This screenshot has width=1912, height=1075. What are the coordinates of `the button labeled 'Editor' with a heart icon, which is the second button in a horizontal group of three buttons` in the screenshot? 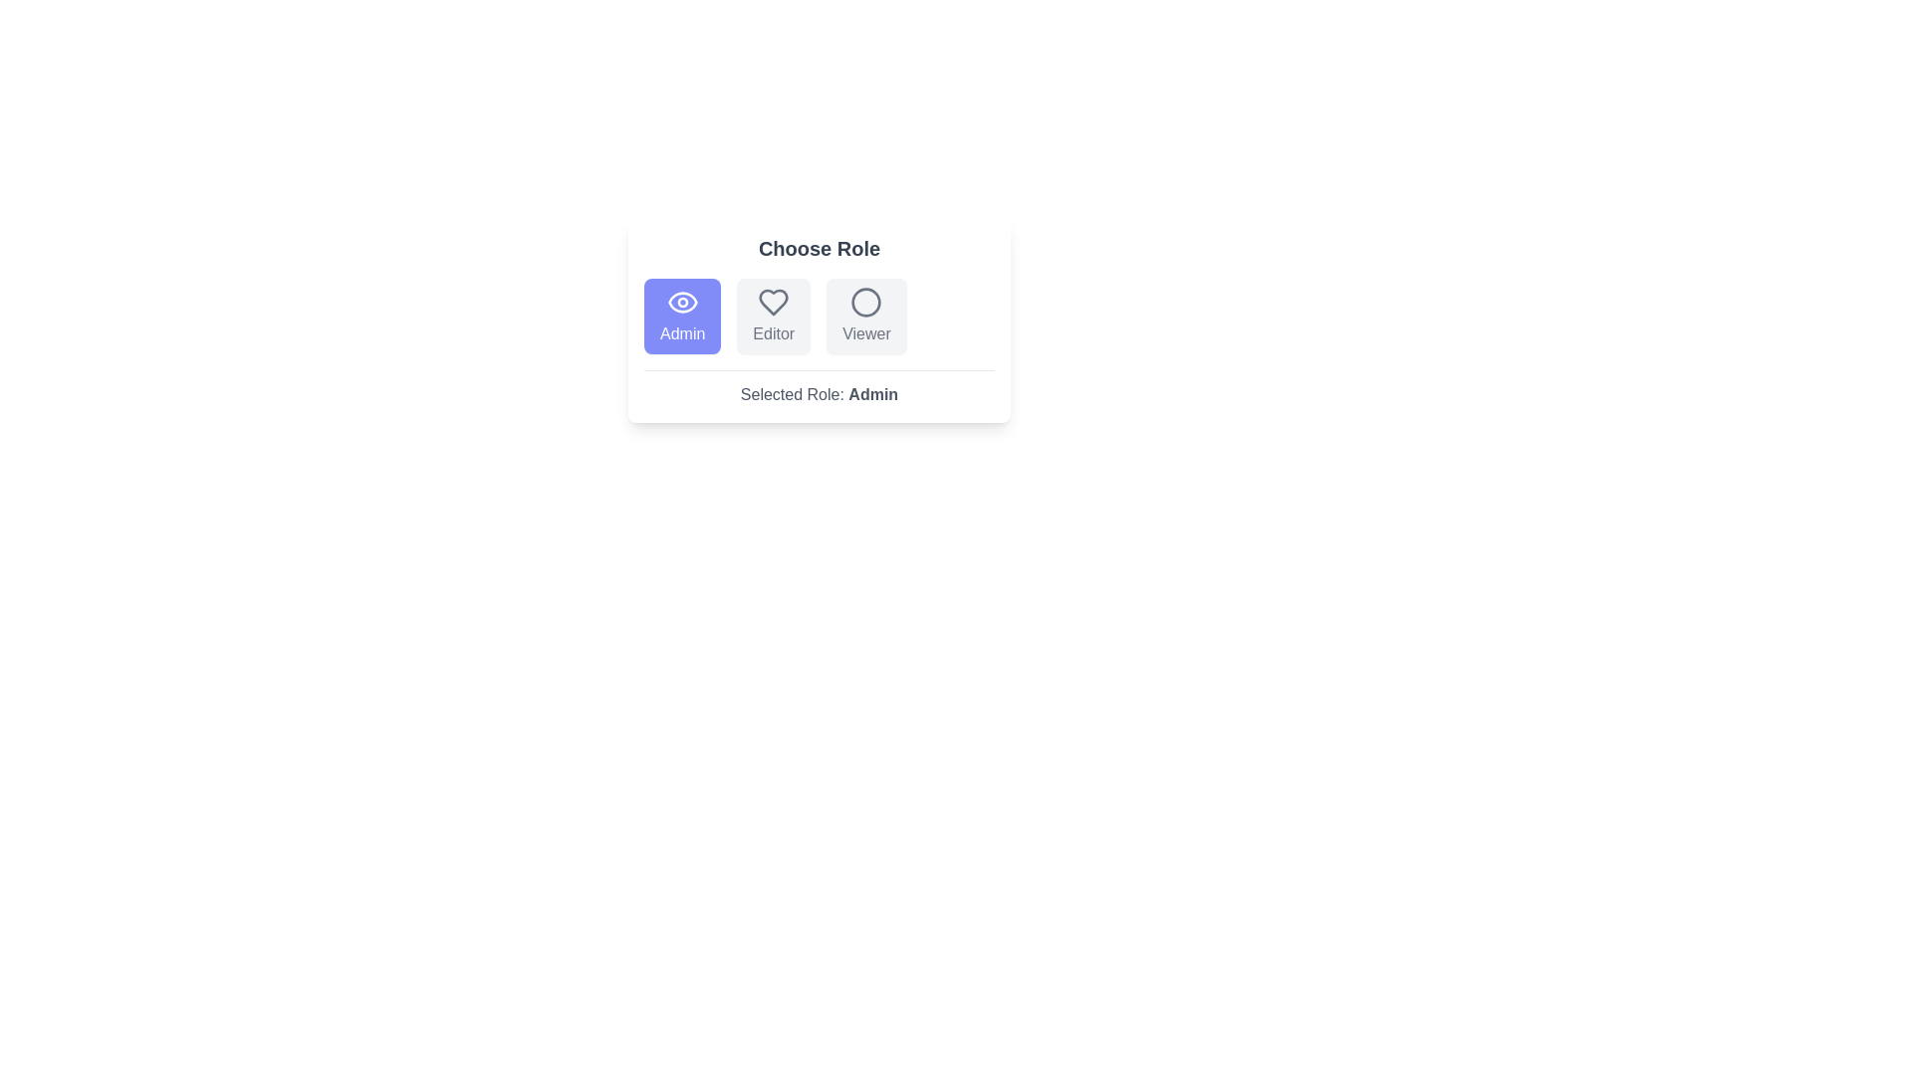 It's located at (773, 315).